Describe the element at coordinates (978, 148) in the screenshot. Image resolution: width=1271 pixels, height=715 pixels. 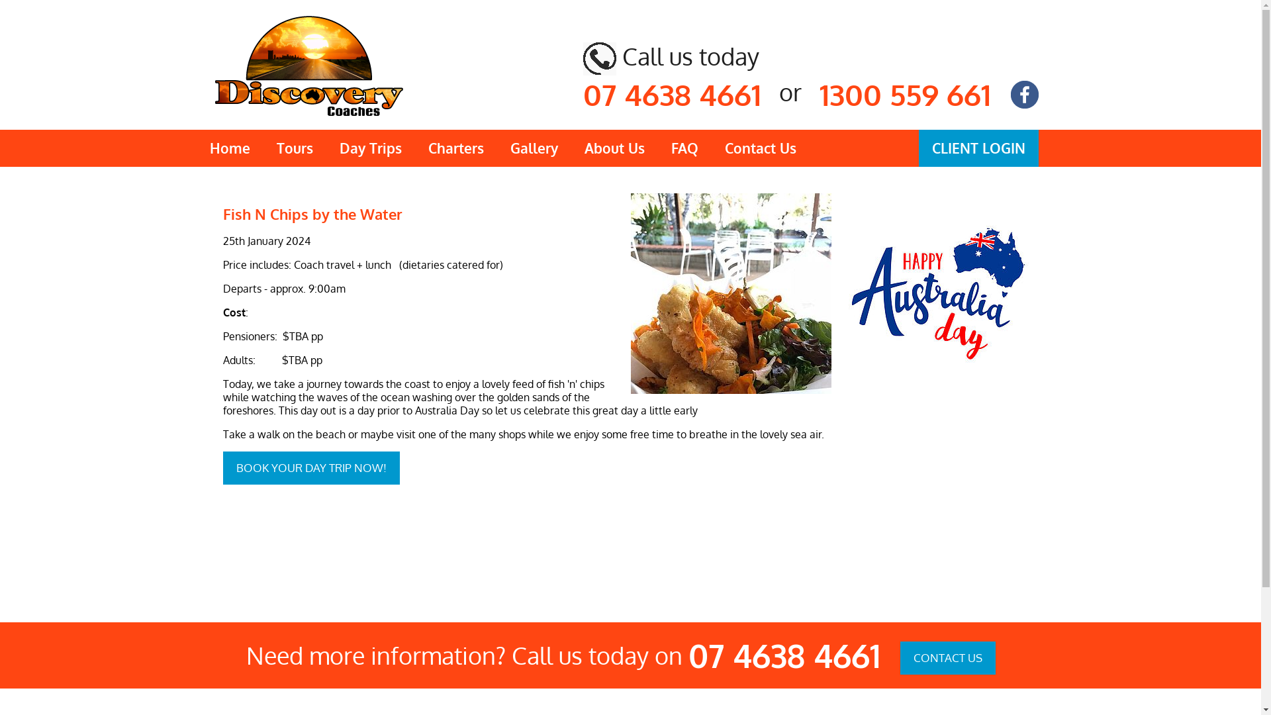
I see `'CLIENT LOGIN'` at that location.